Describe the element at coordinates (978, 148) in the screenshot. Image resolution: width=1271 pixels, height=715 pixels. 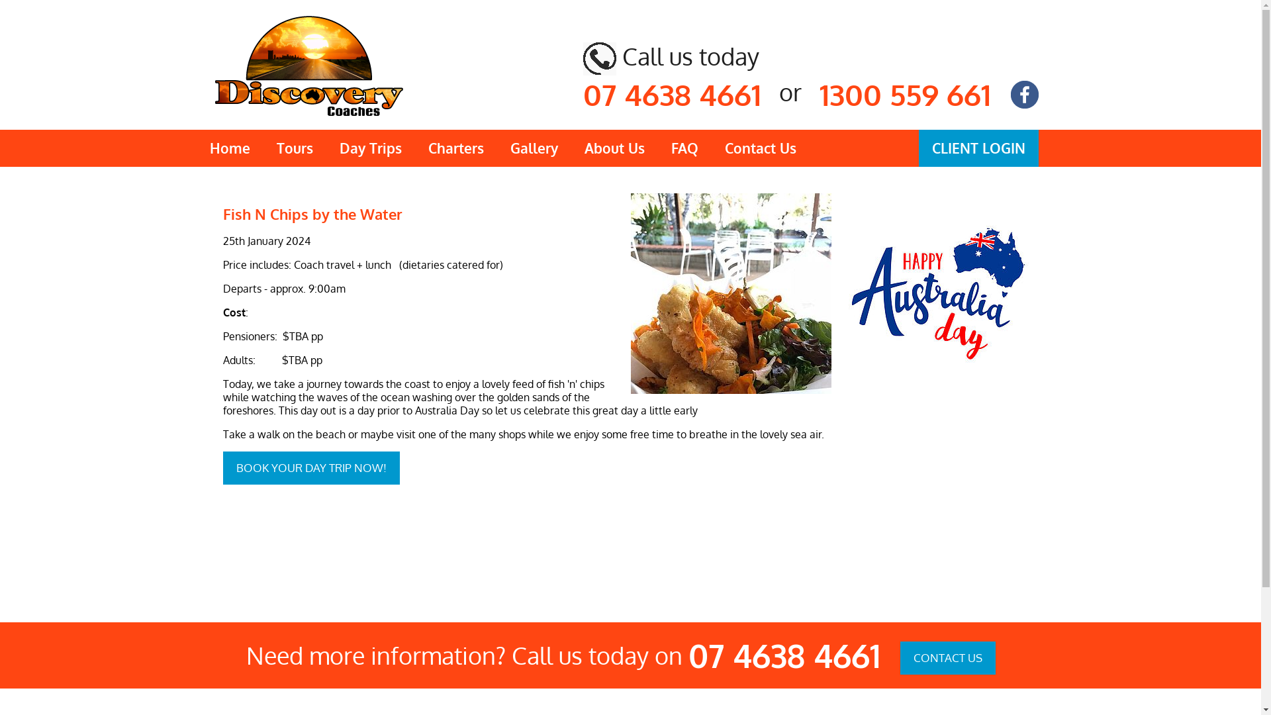
I see `'CLIENT LOGIN'` at that location.